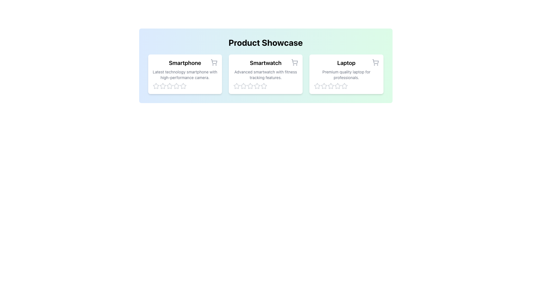  I want to click on the third rating star button in the 'Laptop' card of the 'Product Showcase' interface, so click(331, 86).